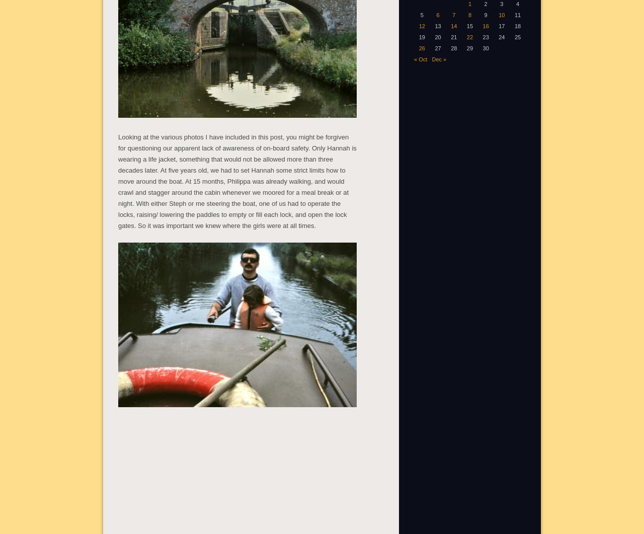 The height and width of the screenshot is (534, 644). Describe the element at coordinates (517, 14) in the screenshot. I see `'11'` at that location.